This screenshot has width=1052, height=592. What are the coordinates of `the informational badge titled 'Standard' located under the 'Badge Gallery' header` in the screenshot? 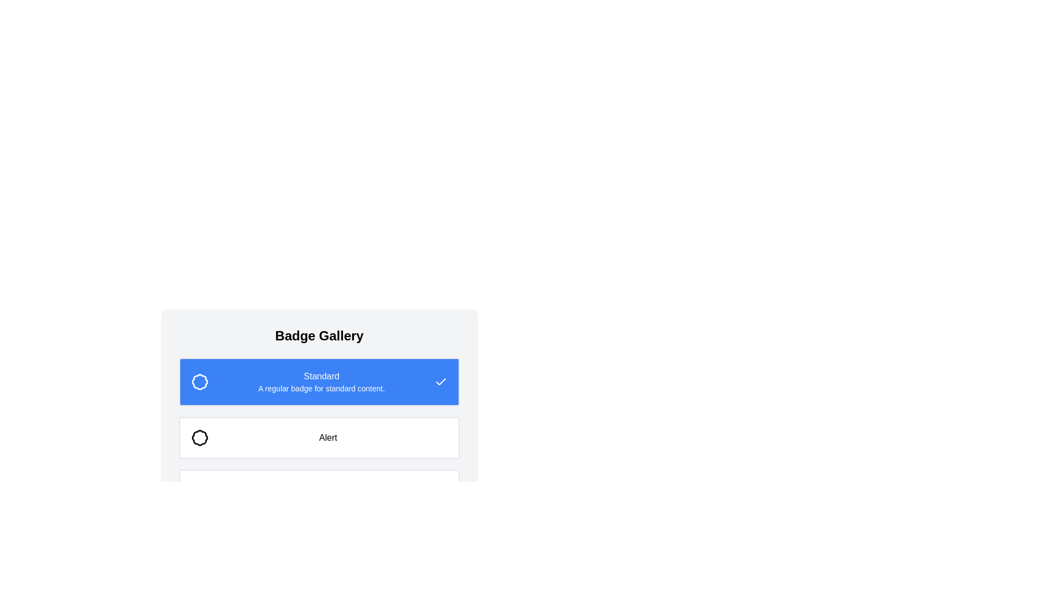 It's located at (318, 382).